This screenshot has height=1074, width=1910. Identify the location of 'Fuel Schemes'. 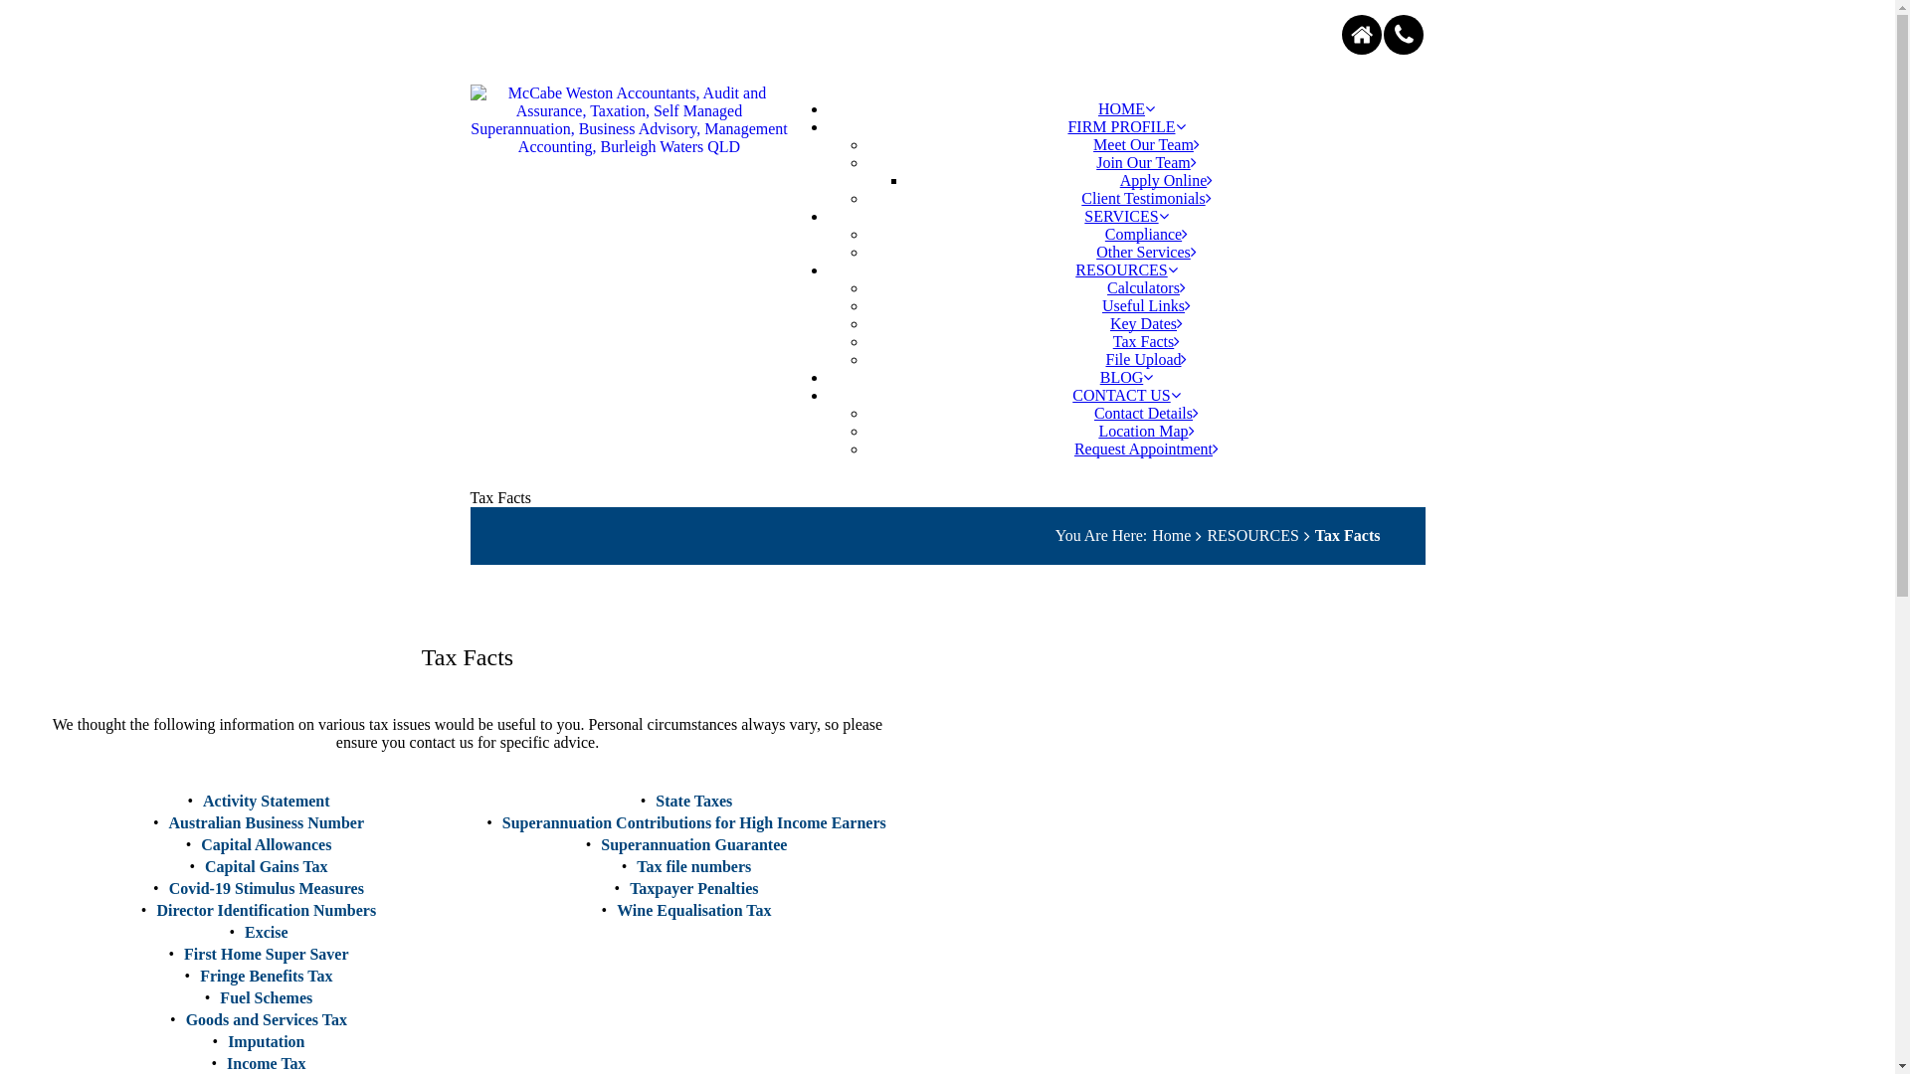
(265, 997).